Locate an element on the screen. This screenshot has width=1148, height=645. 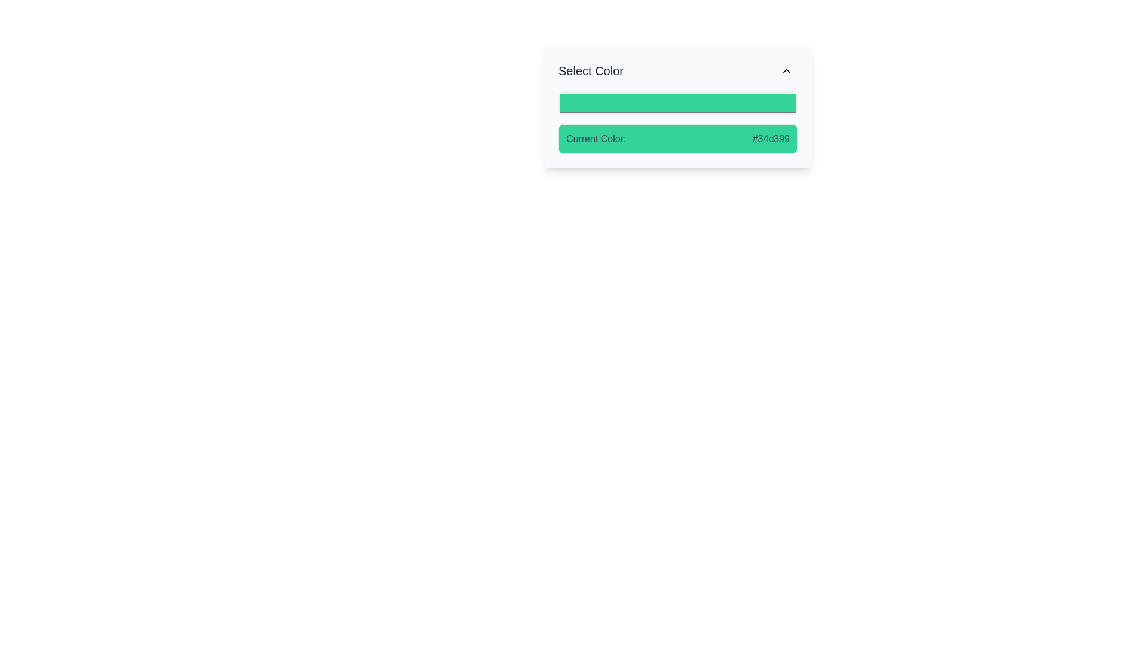
the text label displaying 'Current Color:' which is styled with a gray font color and positioned inside a highlighted green box is located at coordinates (596, 138).